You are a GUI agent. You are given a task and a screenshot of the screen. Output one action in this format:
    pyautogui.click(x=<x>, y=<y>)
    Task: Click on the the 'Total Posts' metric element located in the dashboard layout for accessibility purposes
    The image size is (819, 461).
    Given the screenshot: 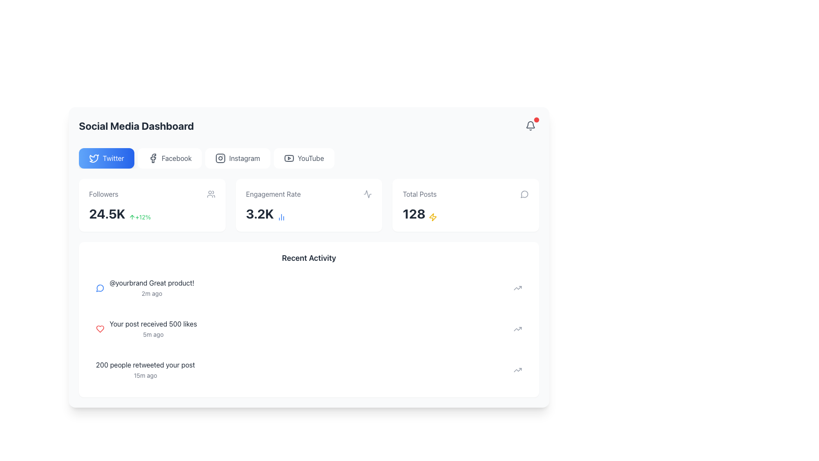 What is the action you would take?
    pyautogui.click(x=414, y=213)
    